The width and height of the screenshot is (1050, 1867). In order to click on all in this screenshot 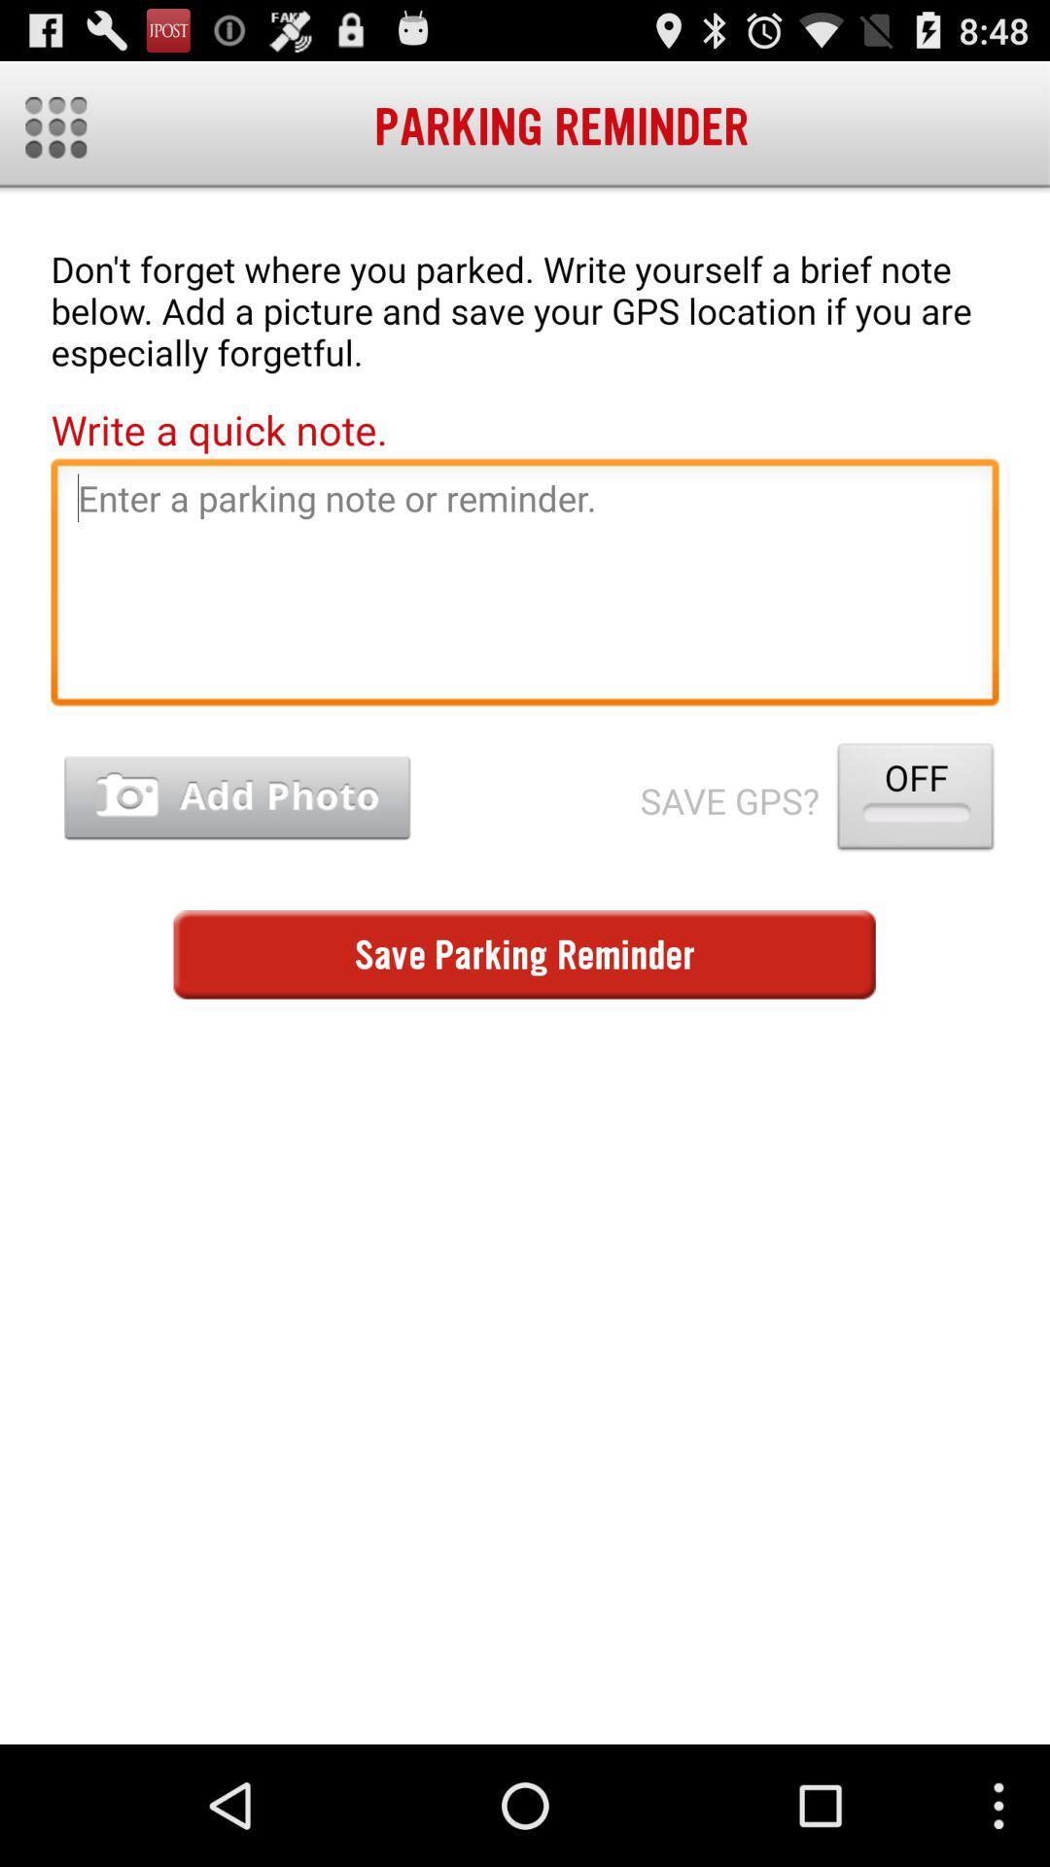, I will do `click(54, 126)`.